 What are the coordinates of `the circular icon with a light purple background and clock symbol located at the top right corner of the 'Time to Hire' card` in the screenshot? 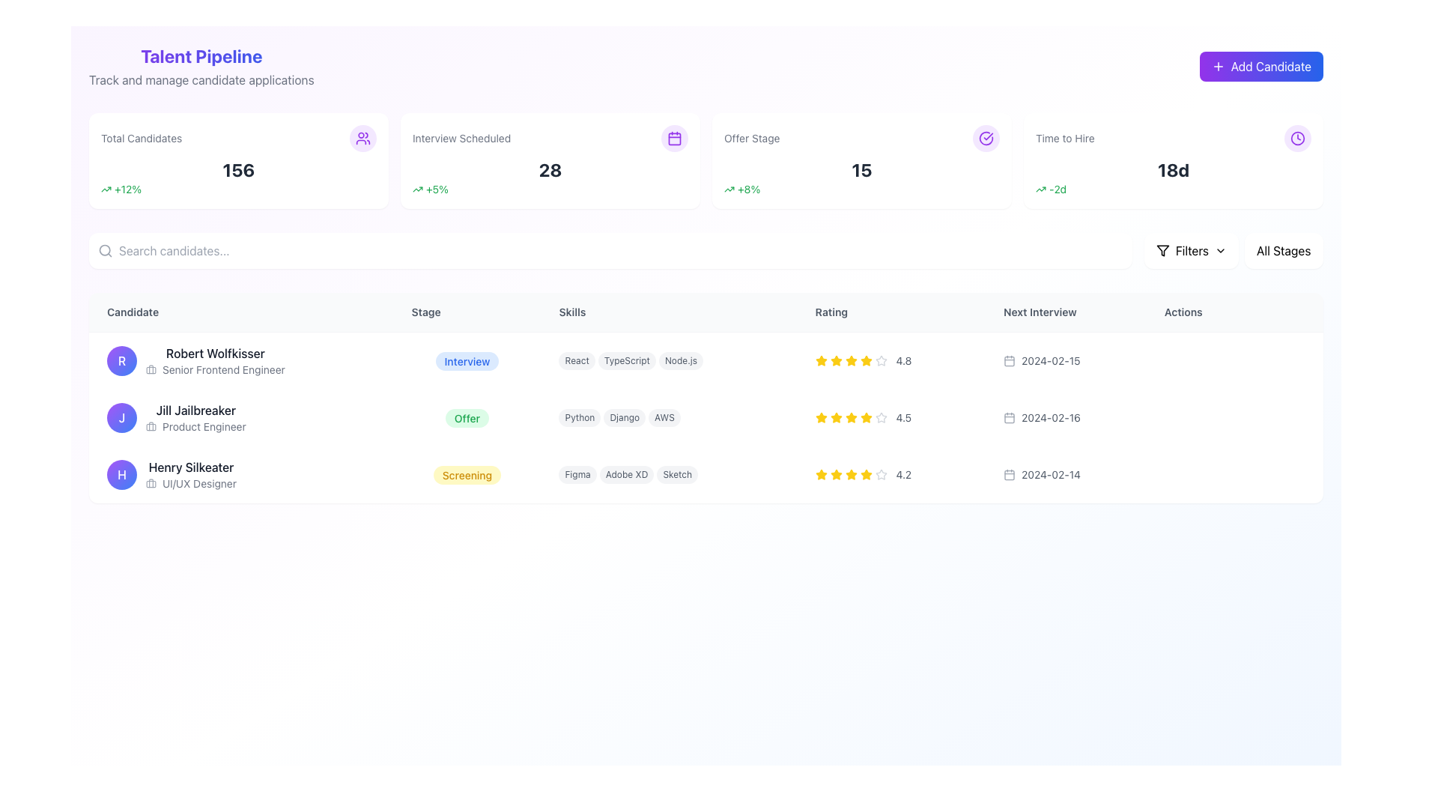 It's located at (1296, 139).